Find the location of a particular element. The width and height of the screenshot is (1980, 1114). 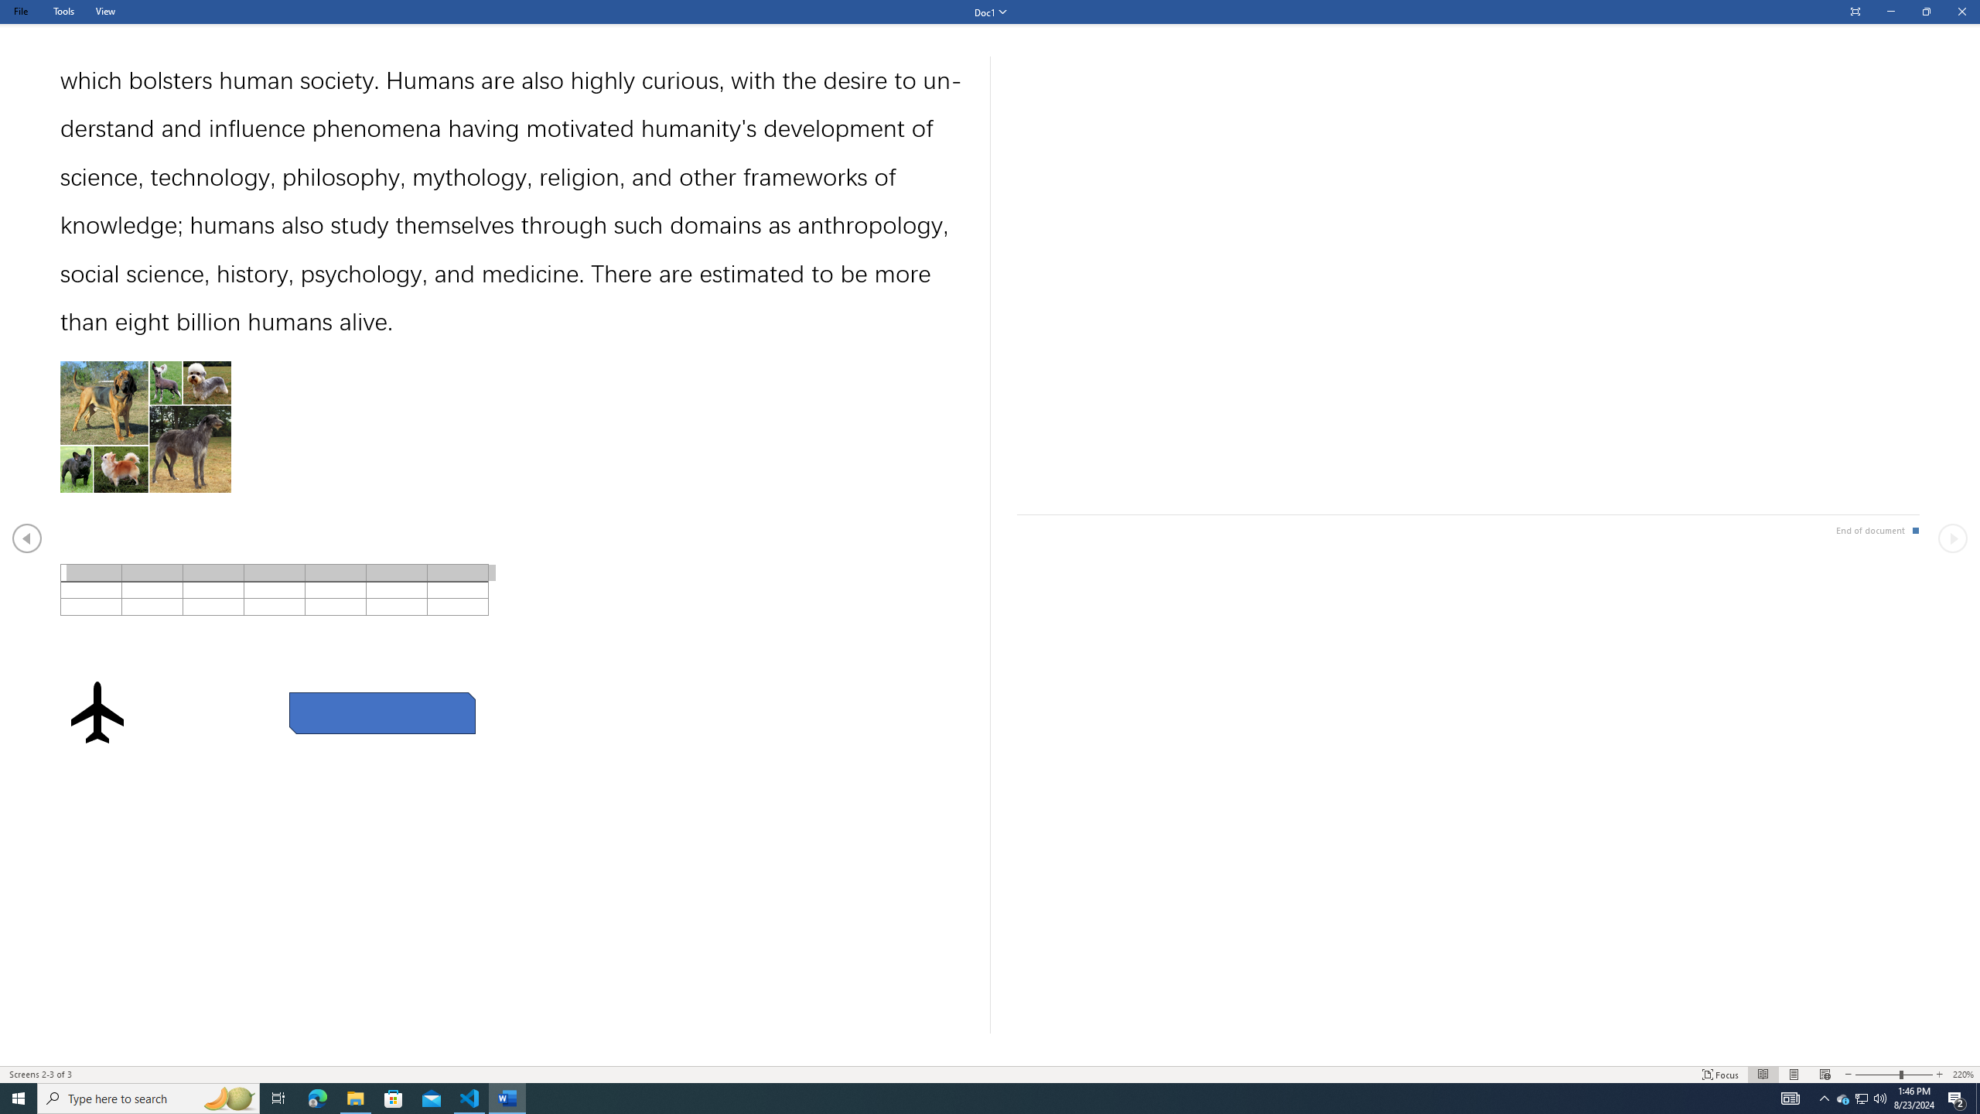

'Auto-hide Reading Toolbar' is located at coordinates (1854, 12).